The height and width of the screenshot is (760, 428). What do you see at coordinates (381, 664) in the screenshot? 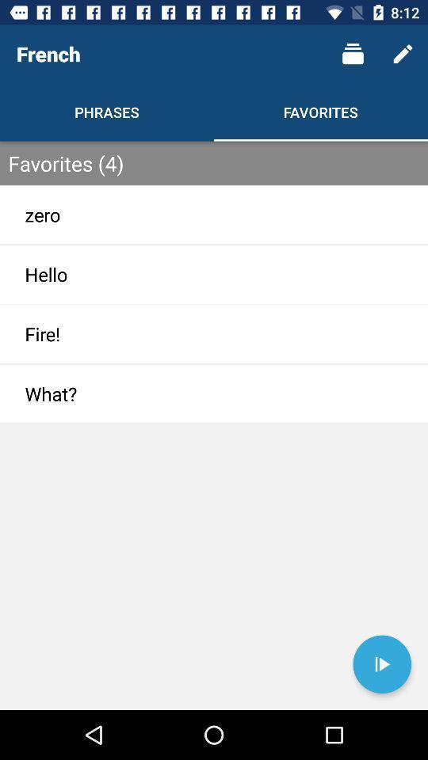
I see `the icon at the bottom right corner` at bounding box center [381, 664].